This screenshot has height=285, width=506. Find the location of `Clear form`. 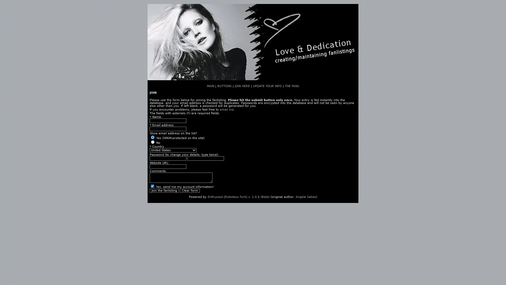

Clear form is located at coordinates (190, 191).